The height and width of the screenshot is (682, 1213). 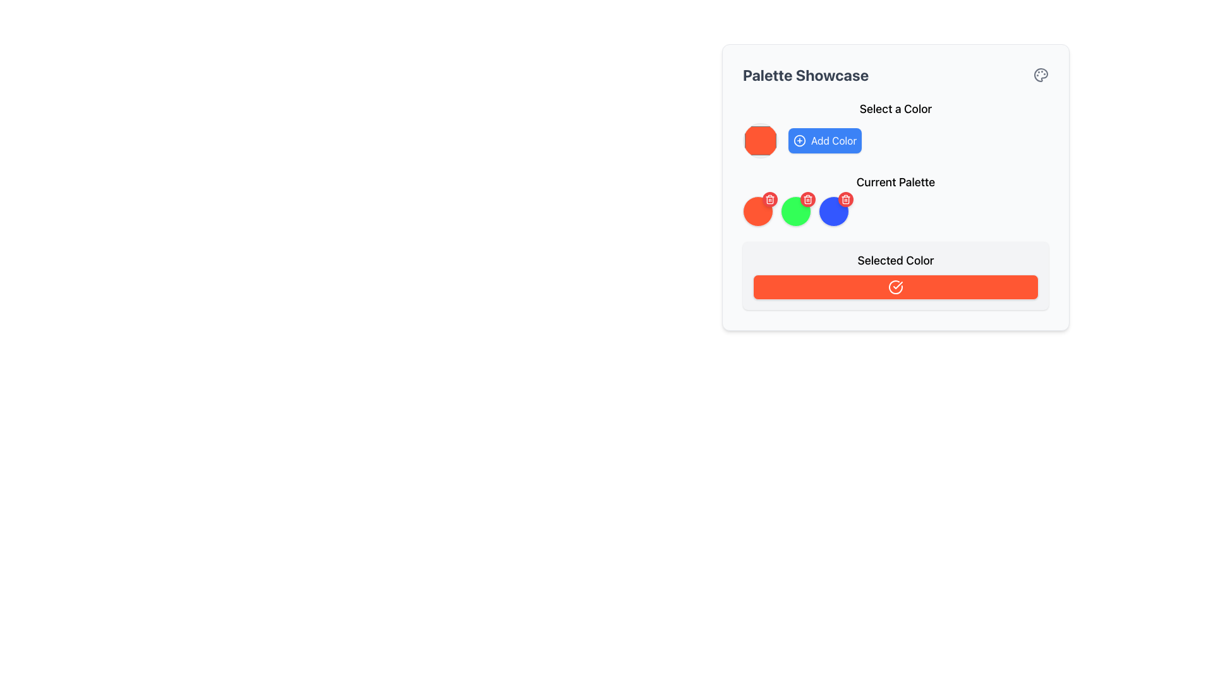 What do you see at coordinates (1041, 75) in the screenshot?
I see `the paint palette icon located in the top-right corner of the color selector panel, which features multiple circular paint blobs` at bounding box center [1041, 75].